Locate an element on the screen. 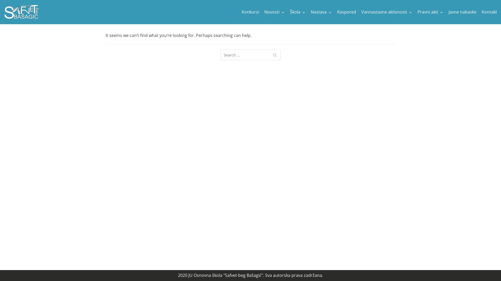 Image resolution: width=501 pixels, height=281 pixels. 'Konkursi' is located at coordinates (250, 12).